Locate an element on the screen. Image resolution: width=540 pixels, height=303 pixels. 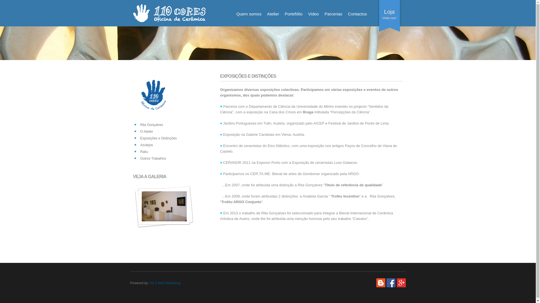
'Facebook' is located at coordinates (386, 283).